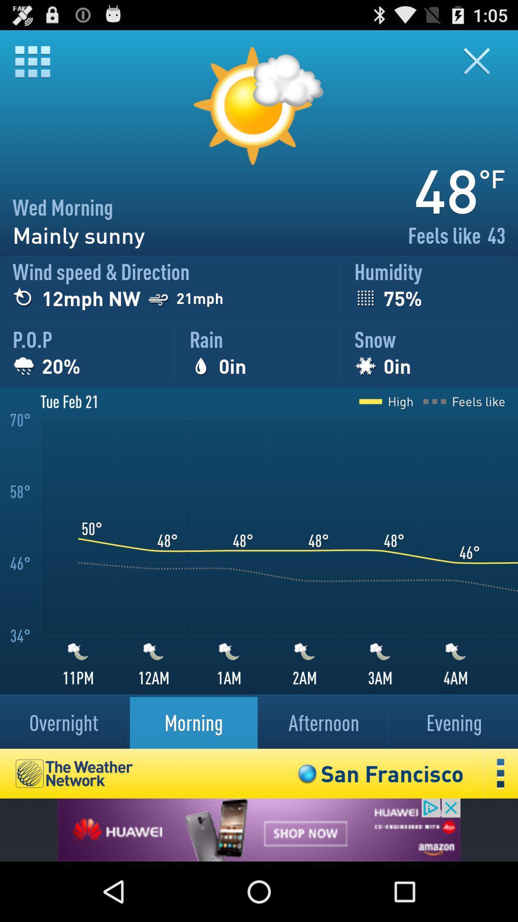 The width and height of the screenshot is (518, 922). Describe the element at coordinates (500, 774) in the screenshot. I see `open the option menu for san francisco` at that location.